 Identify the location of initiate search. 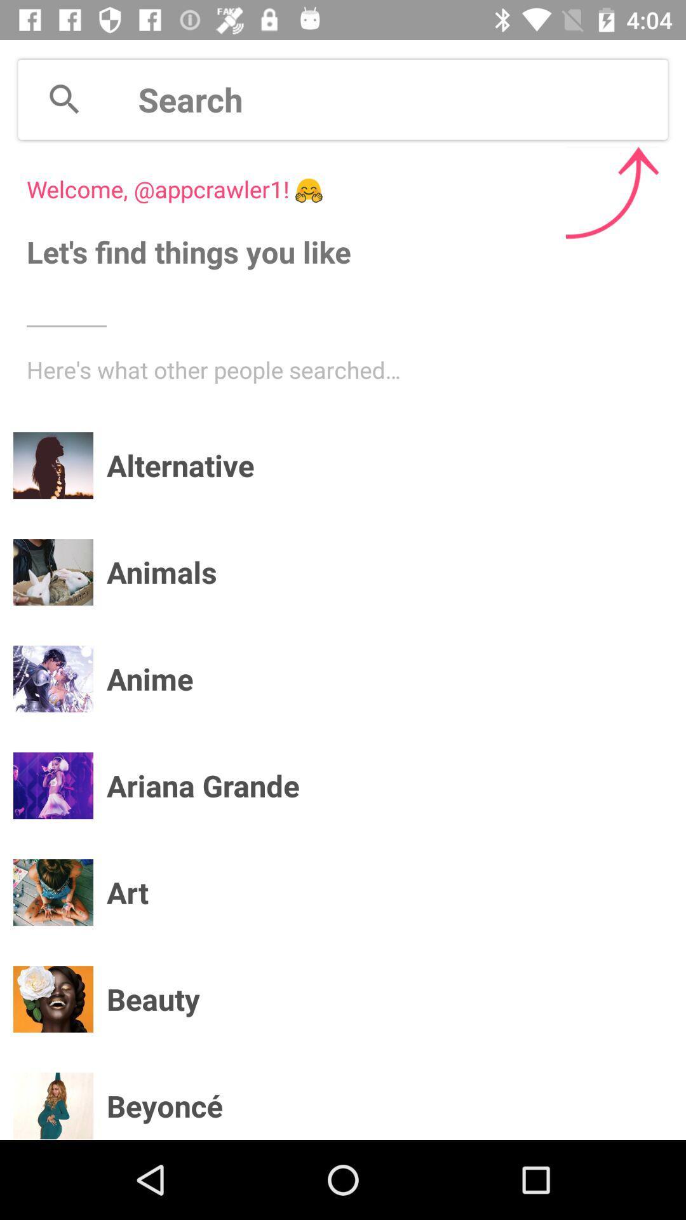
(64, 98).